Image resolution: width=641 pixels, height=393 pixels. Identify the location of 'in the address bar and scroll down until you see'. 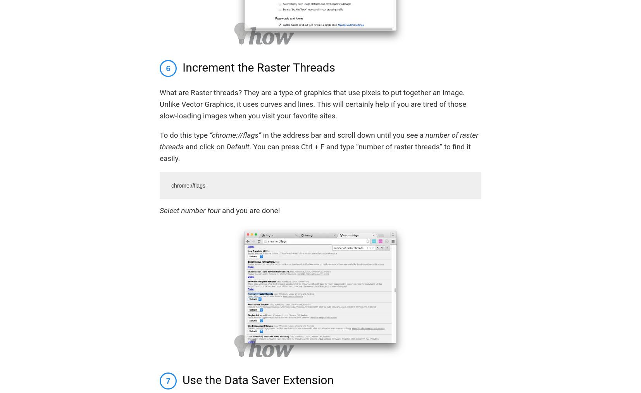
(339, 135).